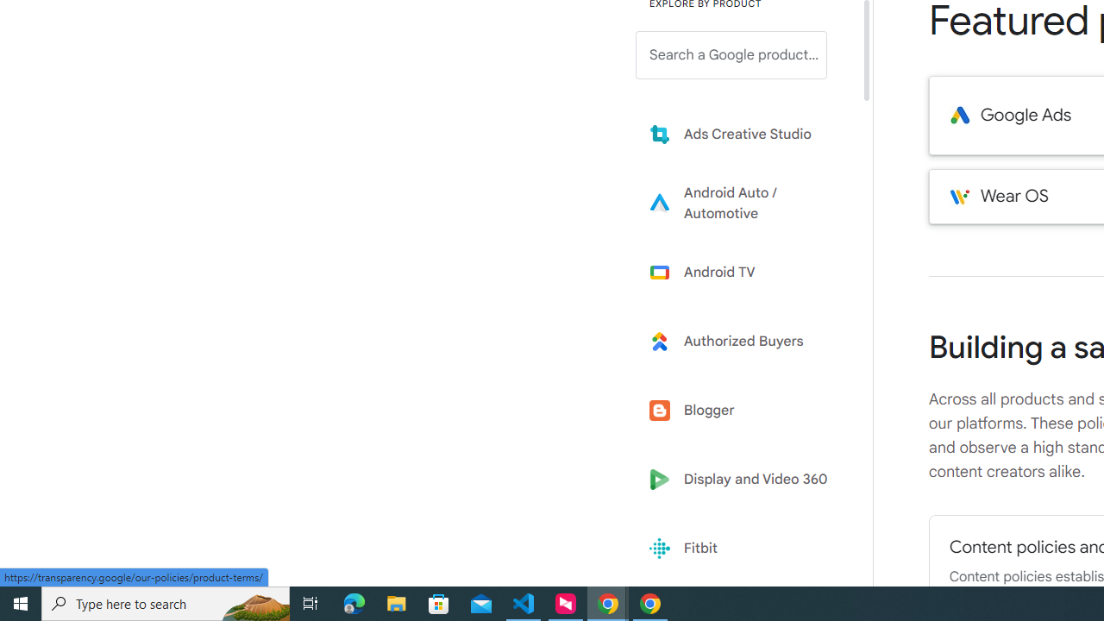 The image size is (1104, 621). What do you see at coordinates (743, 272) in the screenshot?
I see `'Learn more about Android TV'` at bounding box center [743, 272].